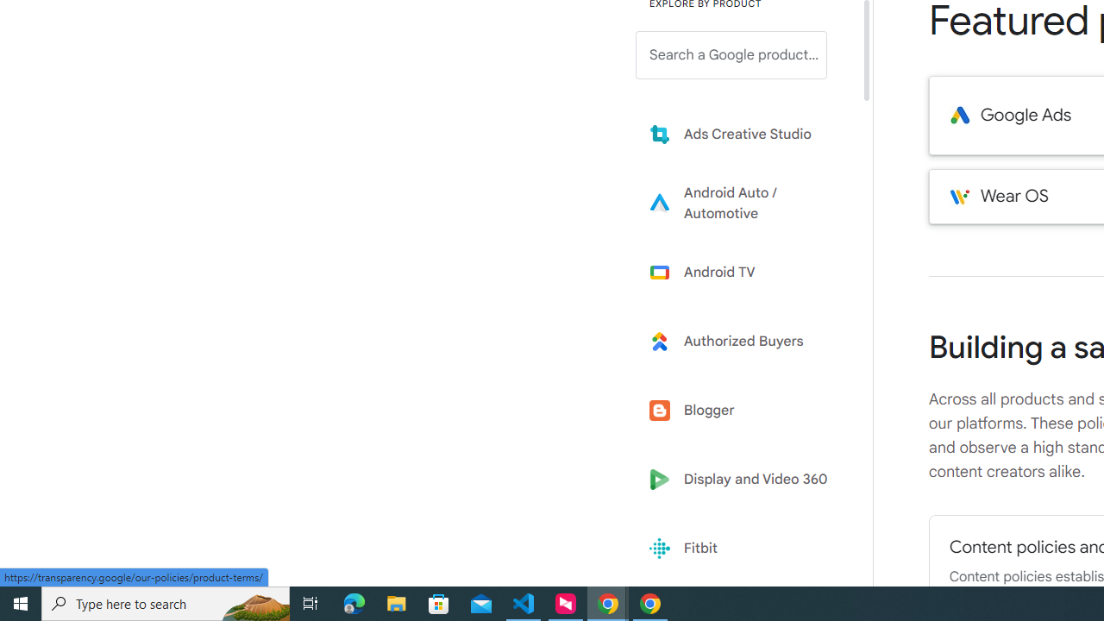 The image size is (1104, 621). What do you see at coordinates (743, 272) in the screenshot?
I see `'Learn more about Android TV'` at bounding box center [743, 272].